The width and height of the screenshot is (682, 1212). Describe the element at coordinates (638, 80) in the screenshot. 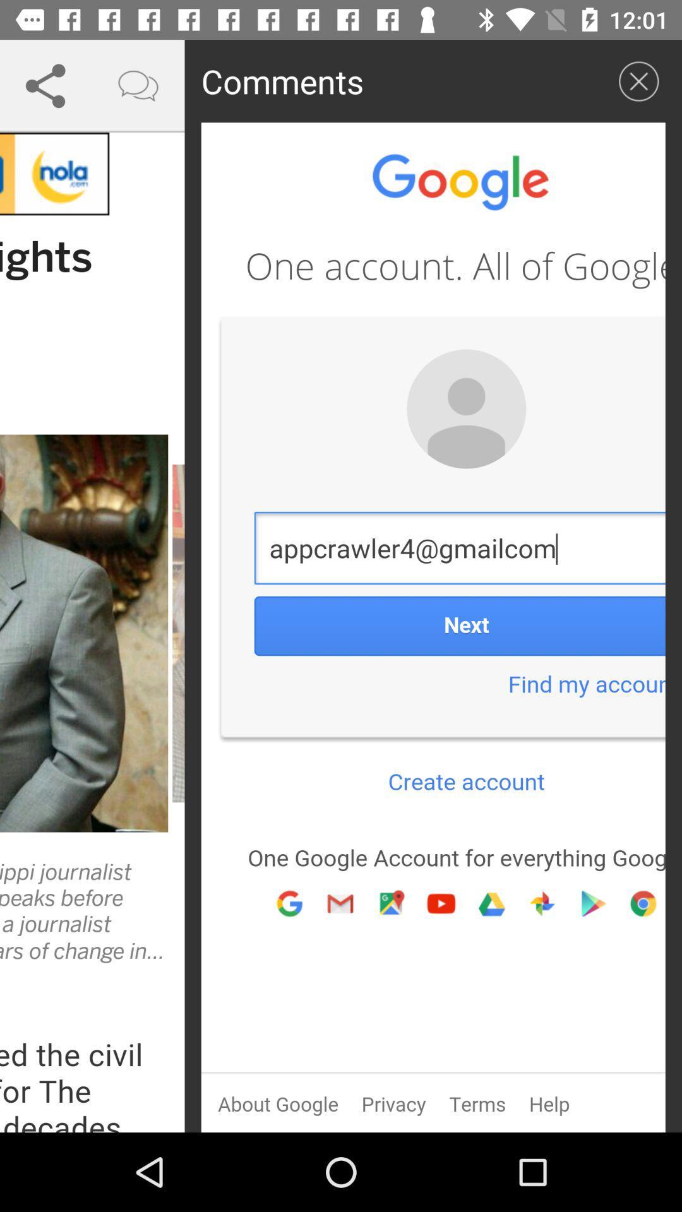

I see `the close icon` at that location.